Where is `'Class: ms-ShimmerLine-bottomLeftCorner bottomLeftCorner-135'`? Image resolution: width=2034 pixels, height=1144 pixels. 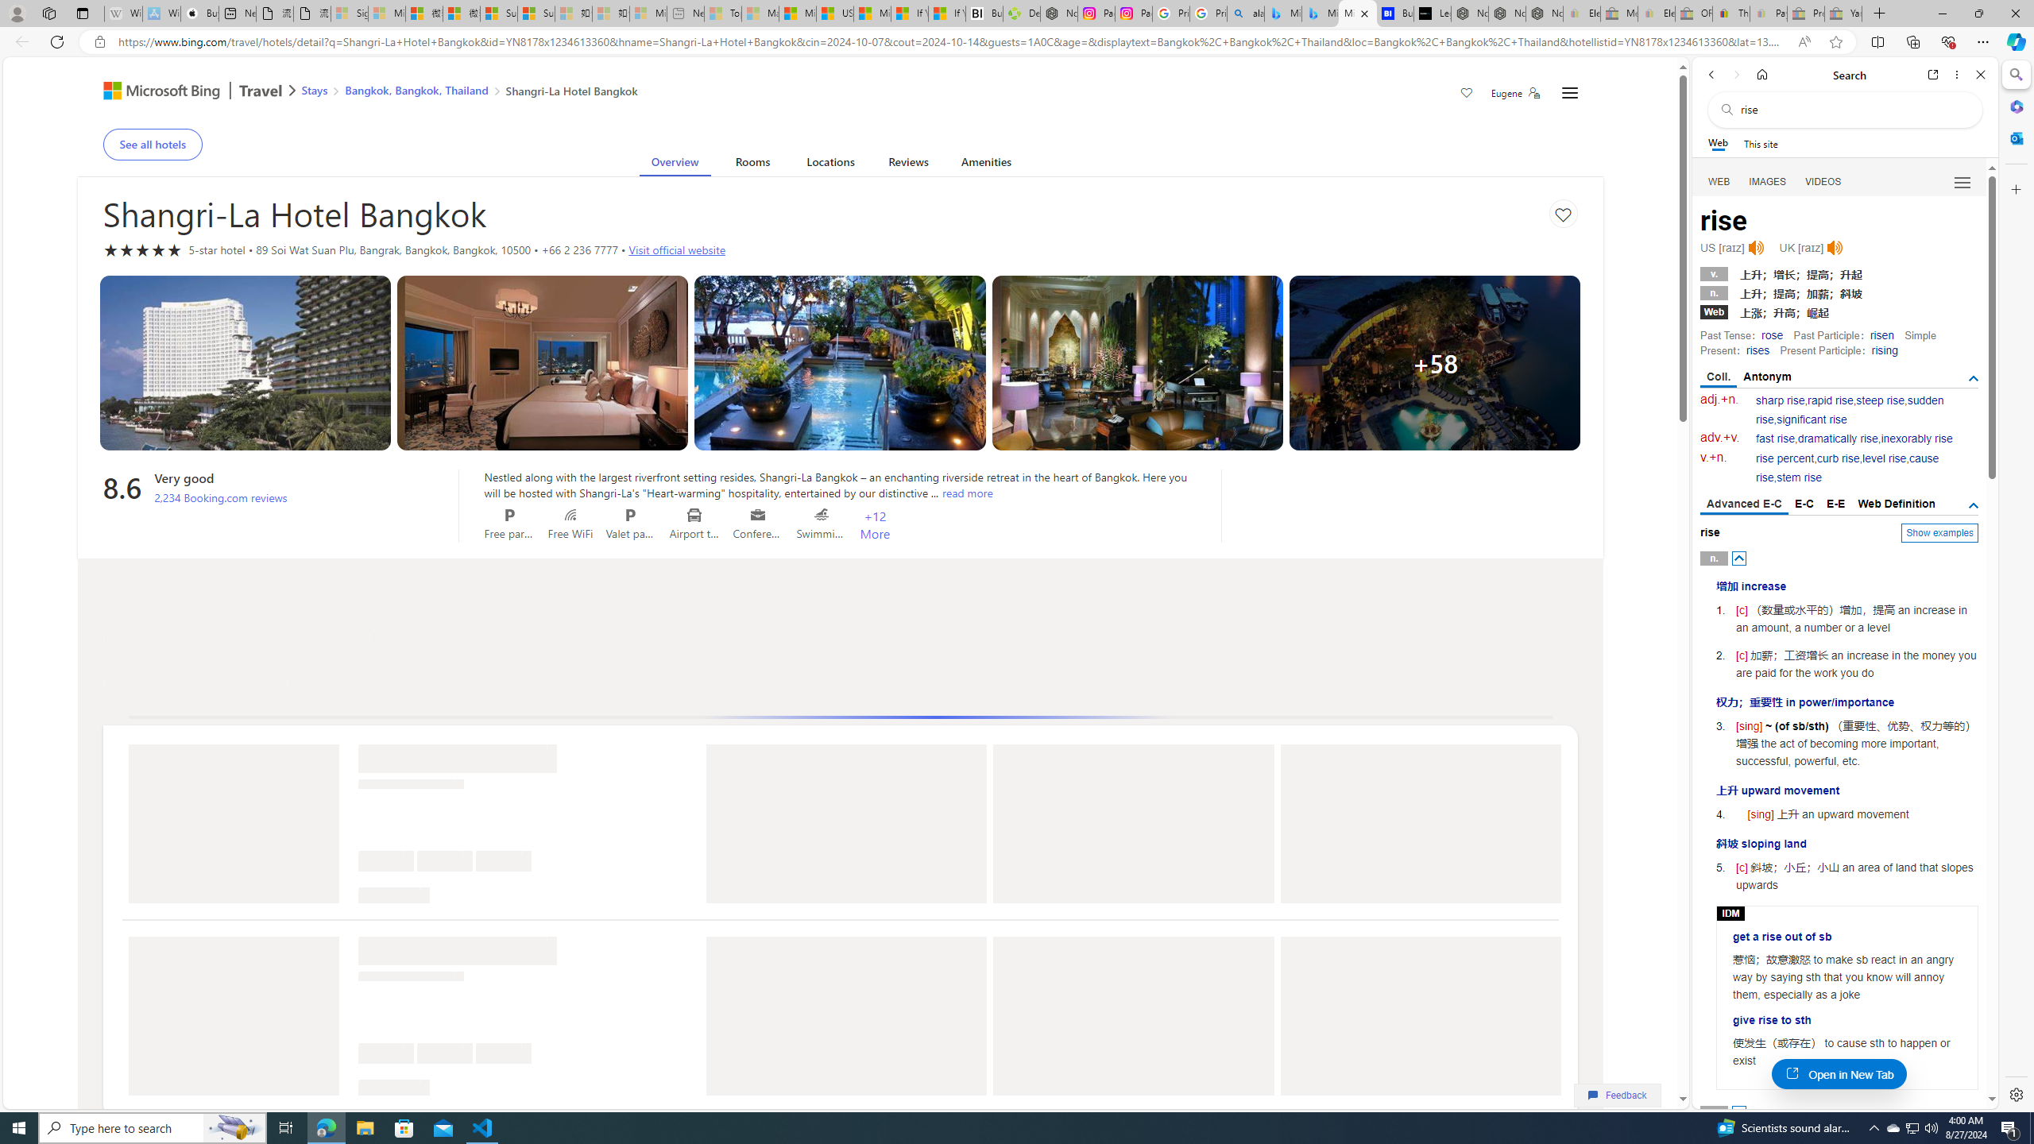 'Class: ms-ShimmerLine-bottomLeftCorner bottomLeftCorner-135' is located at coordinates (363, 1086).